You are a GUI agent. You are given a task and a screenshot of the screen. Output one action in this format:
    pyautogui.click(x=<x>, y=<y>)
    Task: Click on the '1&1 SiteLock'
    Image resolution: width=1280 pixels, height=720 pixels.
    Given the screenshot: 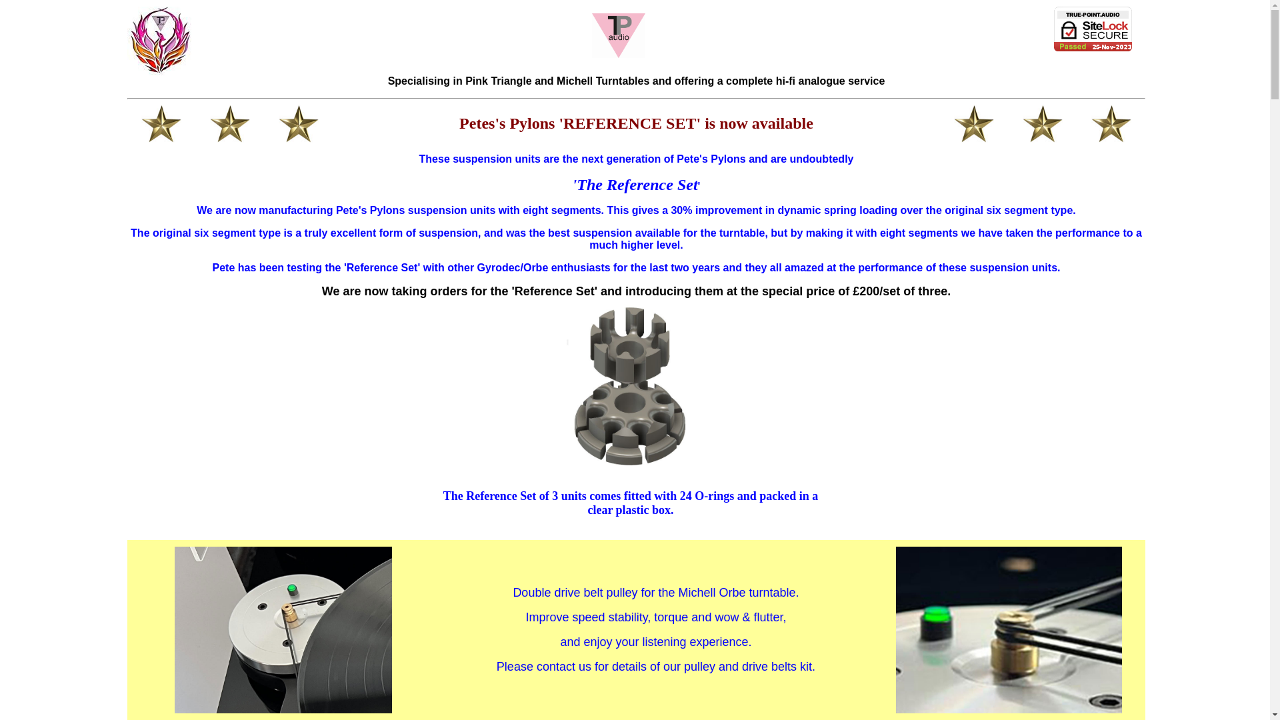 What is the action you would take?
    pyautogui.click(x=1093, y=29)
    